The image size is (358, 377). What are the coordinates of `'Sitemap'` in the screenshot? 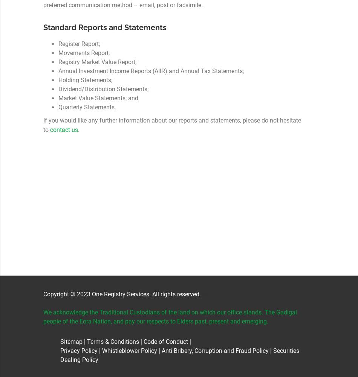 It's located at (60, 342).